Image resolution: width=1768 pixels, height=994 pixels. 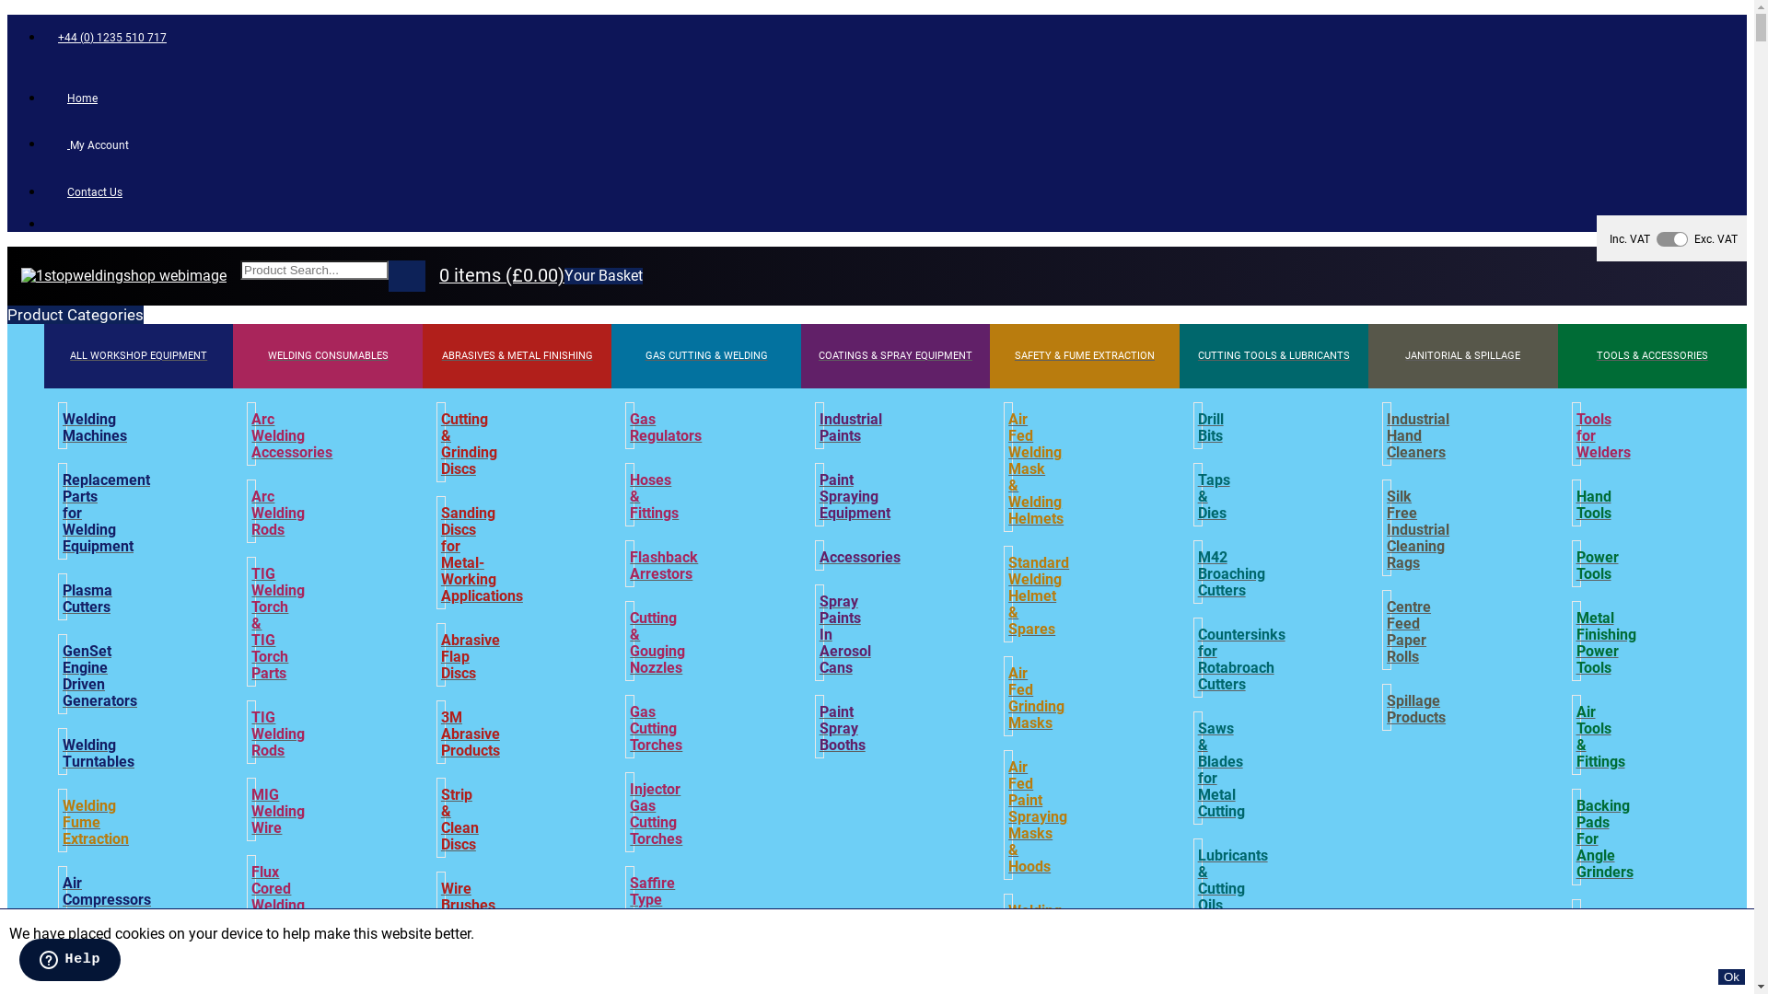 I want to click on 'Ok', so click(x=1730, y=976).